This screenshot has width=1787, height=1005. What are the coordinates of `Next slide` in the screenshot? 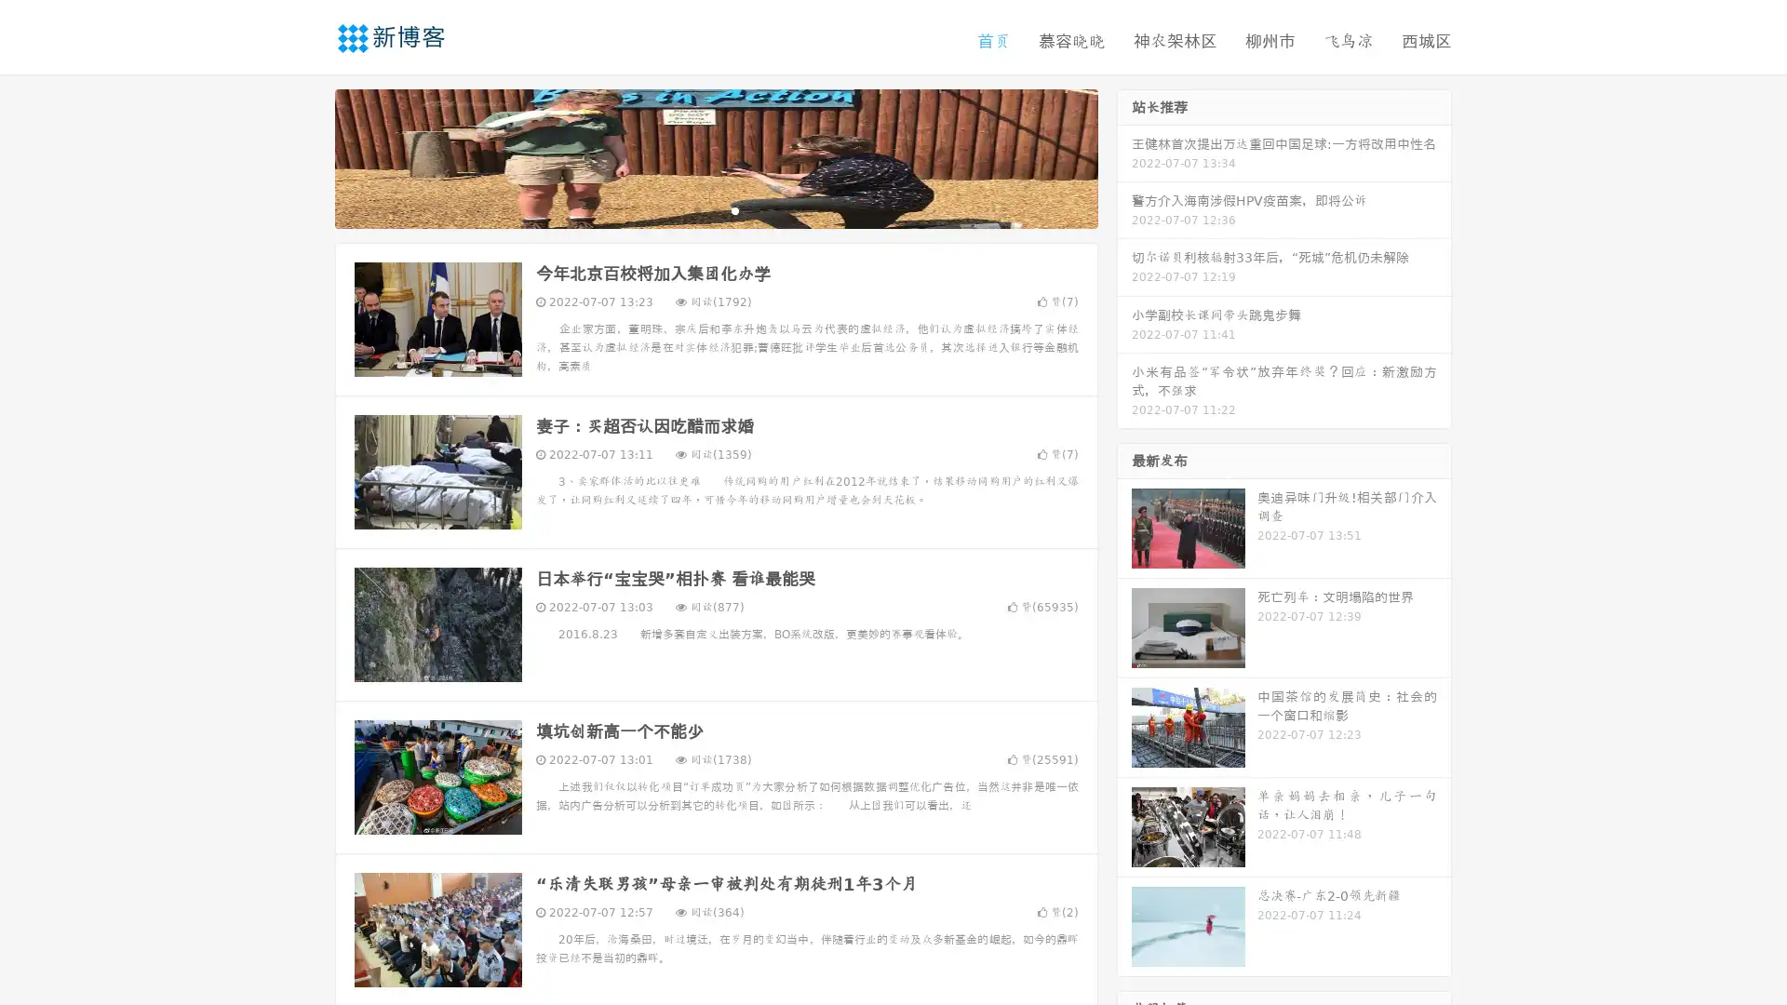 It's located at (1124, 156).